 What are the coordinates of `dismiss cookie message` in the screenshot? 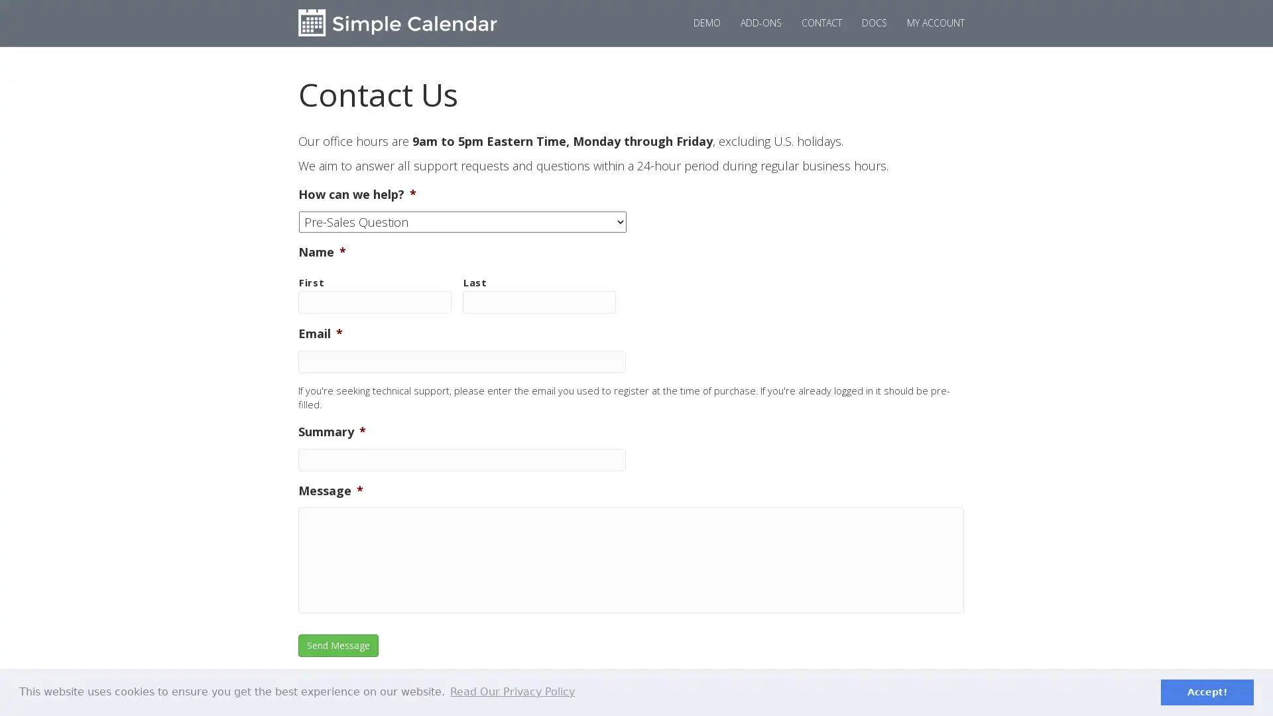 It's located at (1207, 691).